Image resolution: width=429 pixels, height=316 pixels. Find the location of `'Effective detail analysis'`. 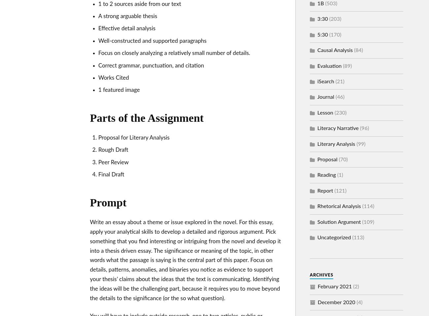

'Effective detail analysis' is located at coordinates (127, 28).